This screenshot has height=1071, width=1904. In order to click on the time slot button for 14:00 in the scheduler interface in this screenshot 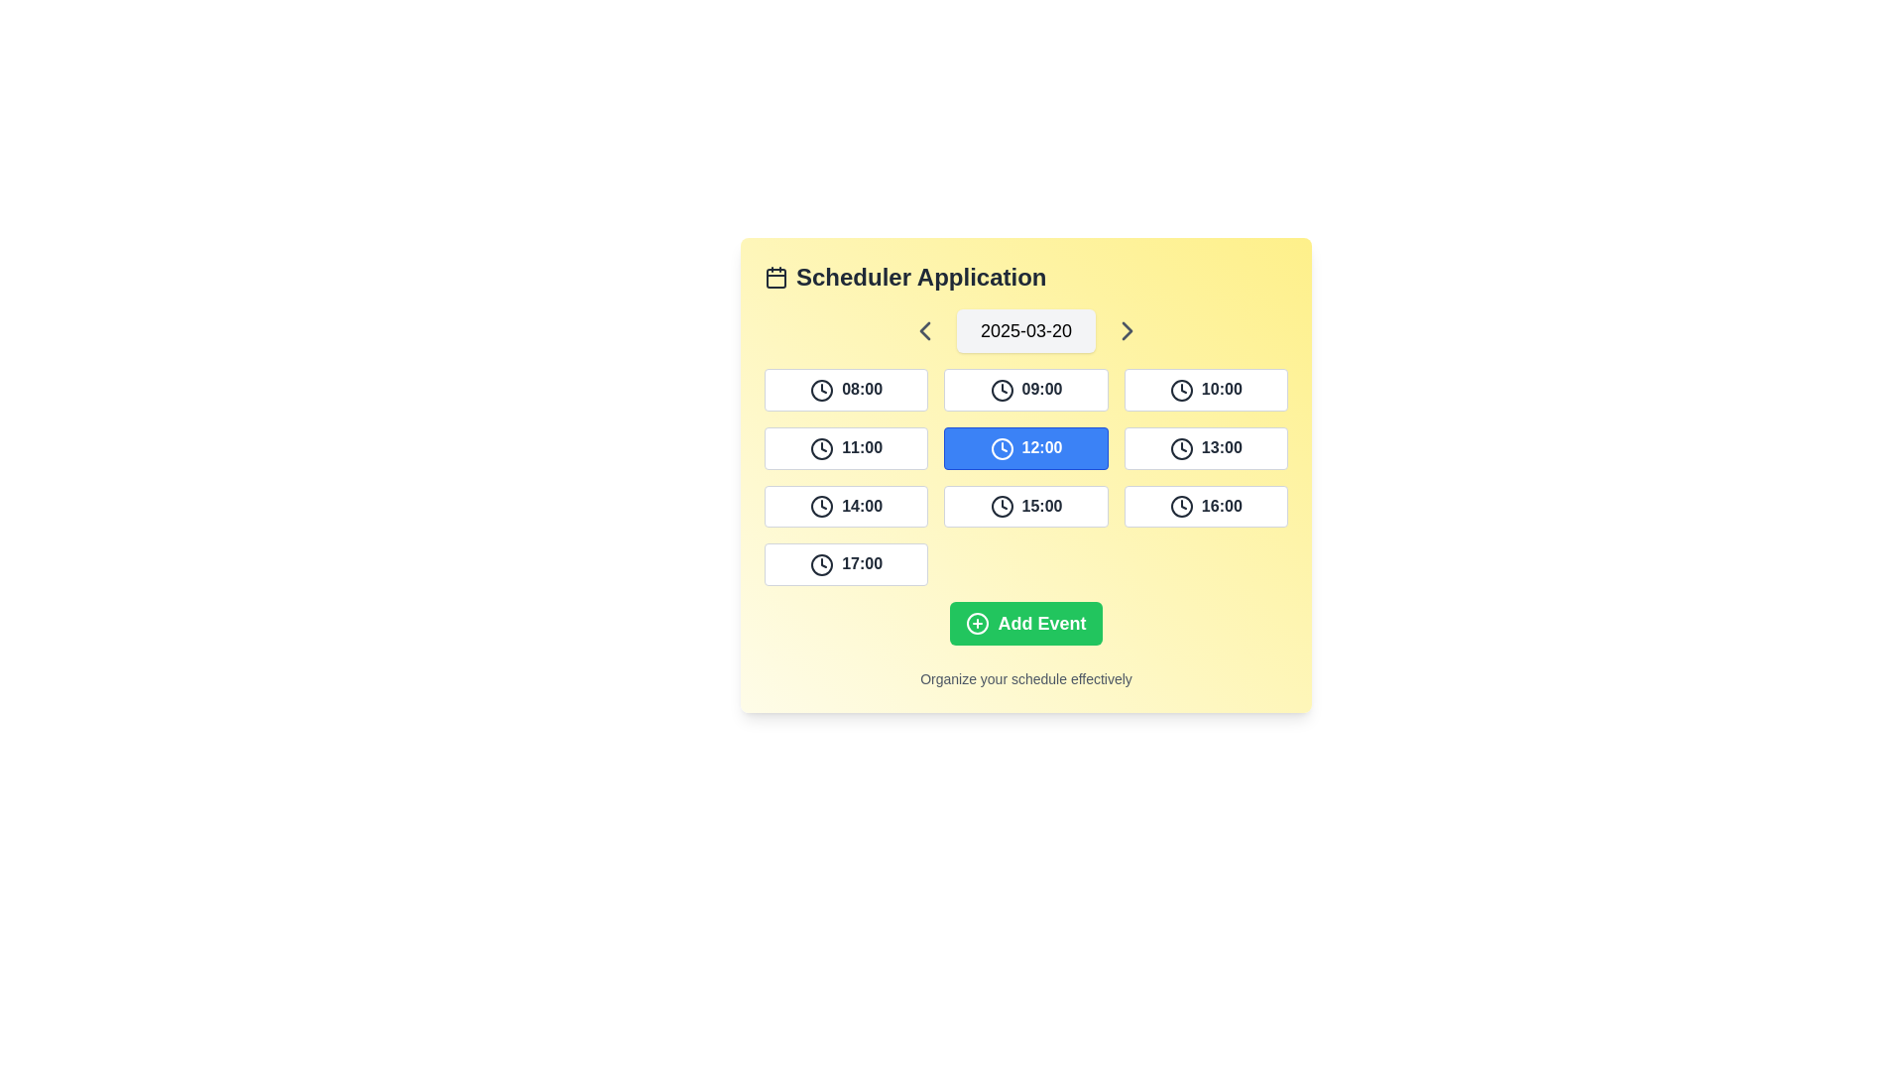, I will do `click(846, 505)`.